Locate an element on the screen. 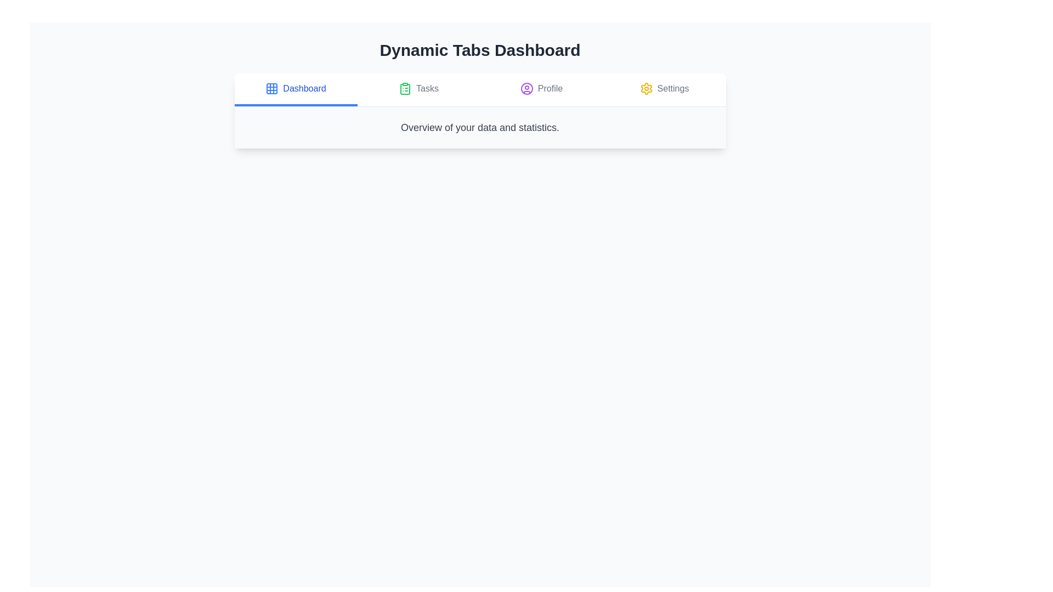 The image size is (1053, 592). the Navigation bar located near the top of the application interface is located at coordinates (480, 89).